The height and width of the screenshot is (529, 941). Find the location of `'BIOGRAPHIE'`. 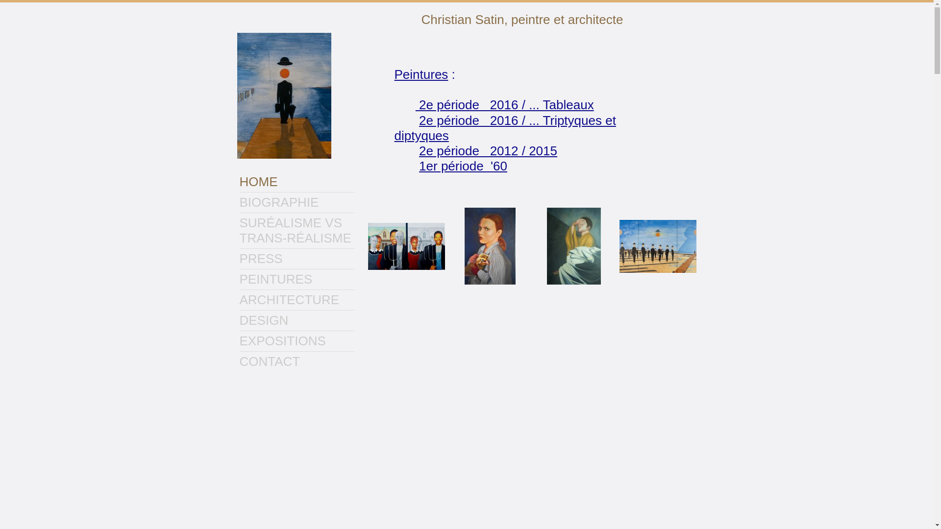

'BIOGRAPHIE' is located at coordinates (296, 202).